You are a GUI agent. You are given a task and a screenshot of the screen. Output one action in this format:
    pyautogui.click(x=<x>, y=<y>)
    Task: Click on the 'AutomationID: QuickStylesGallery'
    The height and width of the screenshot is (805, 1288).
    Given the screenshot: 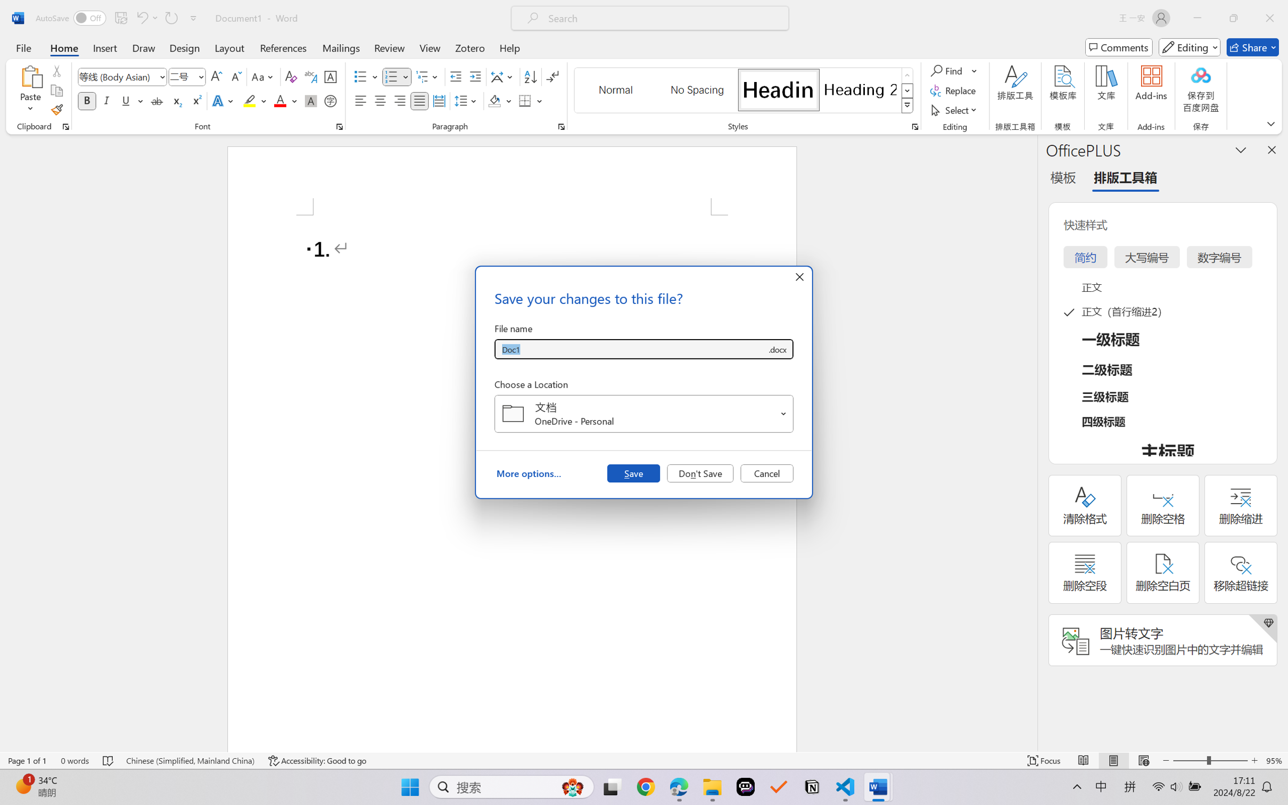 What is the action you would take?
    pyautogui.click(x=744, y=91)
    